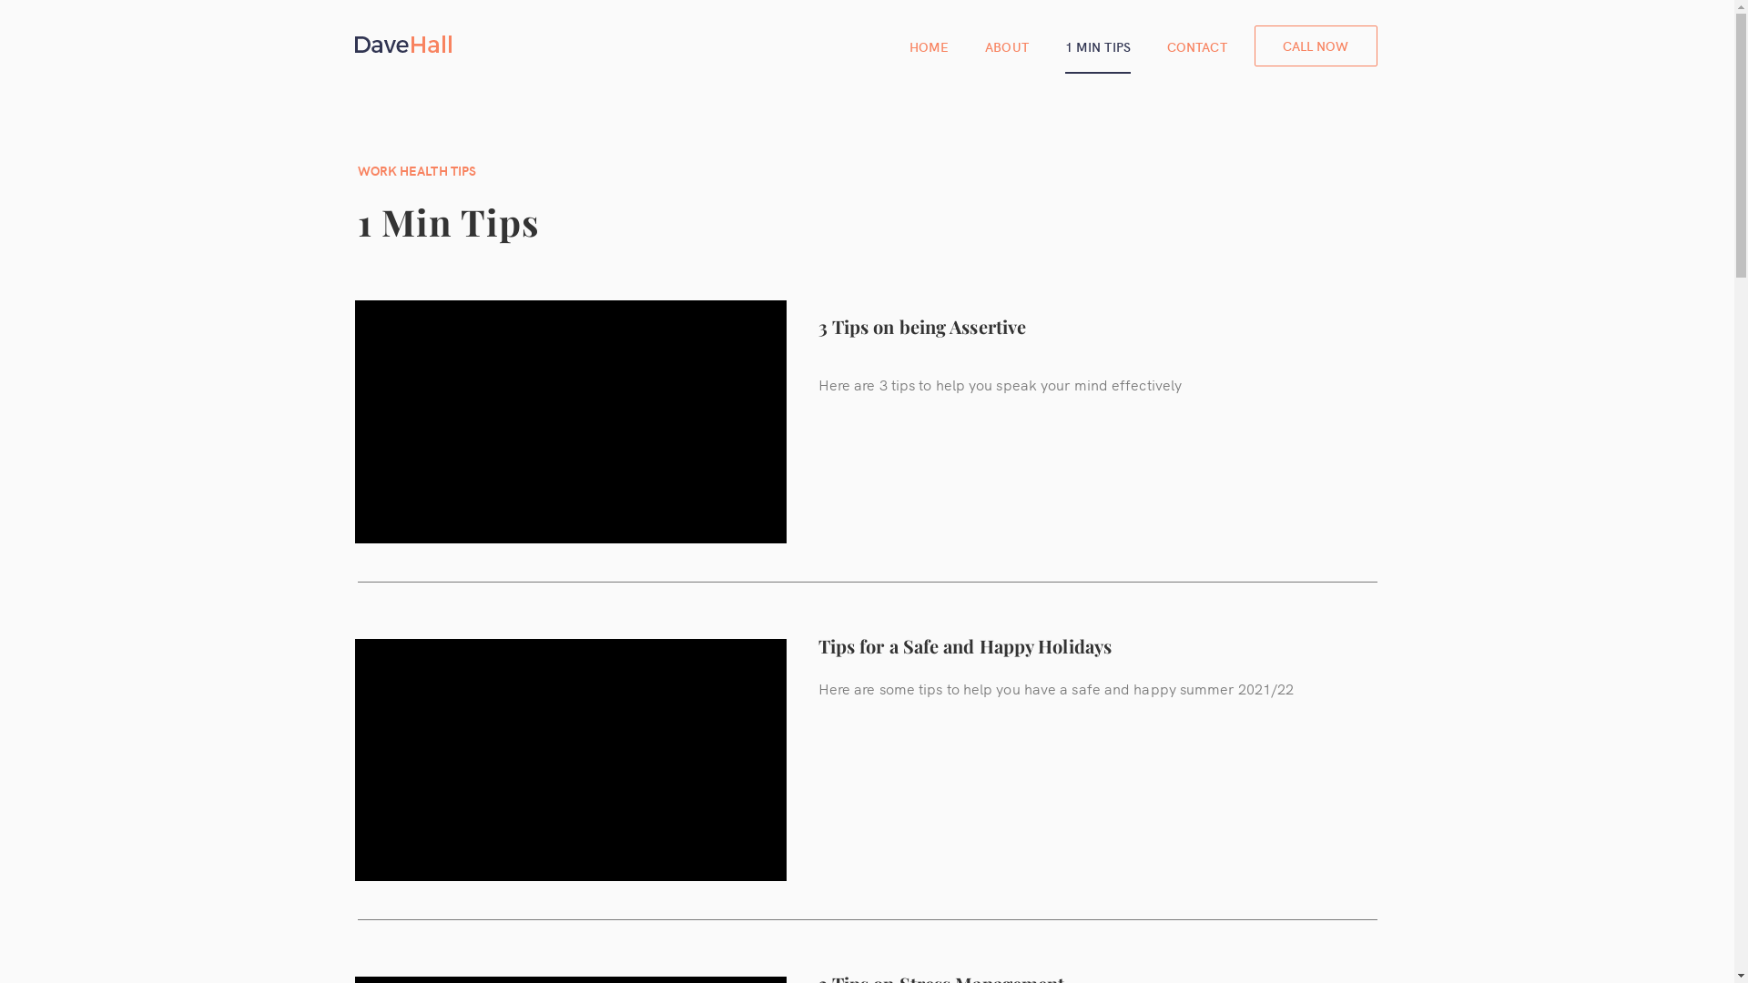 This screenshot has width=1748, height=983. I want to click on 'ABOUT', so click(1005, 45).